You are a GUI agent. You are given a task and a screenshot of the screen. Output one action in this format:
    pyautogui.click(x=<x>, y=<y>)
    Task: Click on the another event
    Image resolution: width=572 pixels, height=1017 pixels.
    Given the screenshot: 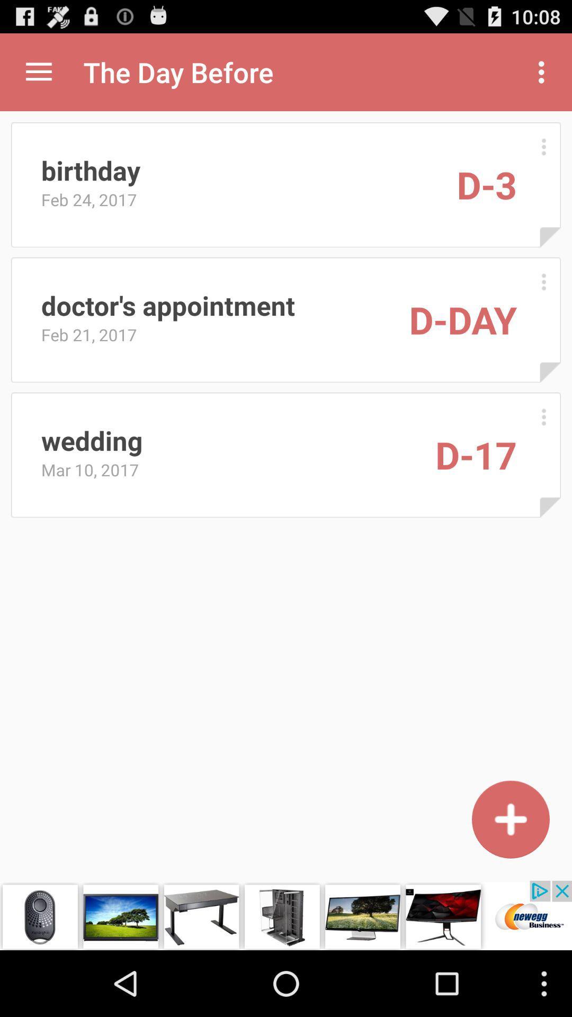 What is the action you would take?
    pyautogui.click(x=510, y=819)
    